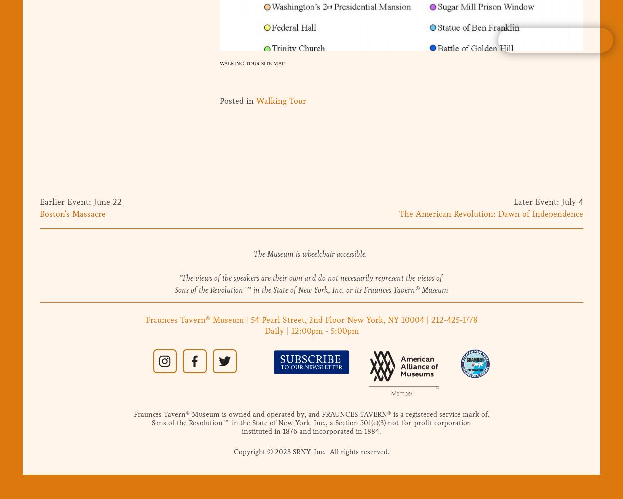 This screenshot has width=623, height=499. Describe the element at coordinates (311, 451) in the screenshot. I see `'Copyright © 2023 SRNY, Inc.  All rights reserved.'` at that location.